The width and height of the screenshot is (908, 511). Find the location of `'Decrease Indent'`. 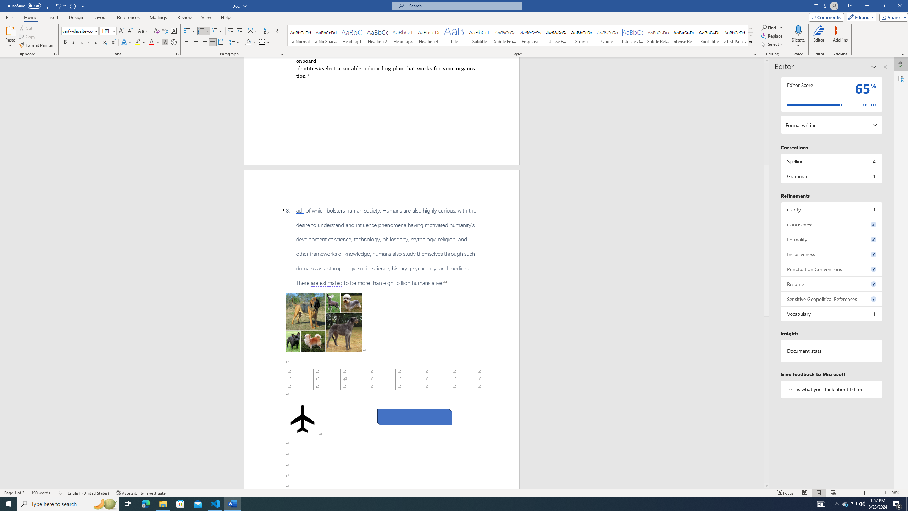

'Decrease Indent' is located at coordinates (231, 31).